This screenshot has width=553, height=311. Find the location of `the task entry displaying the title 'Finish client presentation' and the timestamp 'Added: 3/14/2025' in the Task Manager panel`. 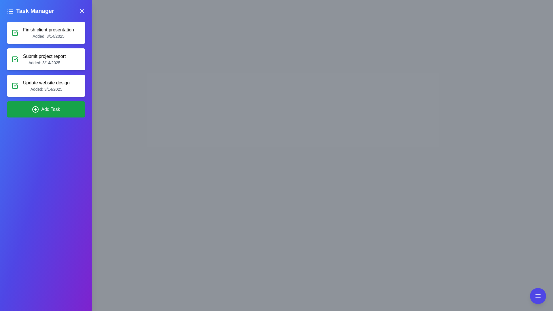

the task entry displaying the title 'Finish client presentation' and the timestamp 'Added: 3/14/2025' in the Task Manager panel is located at coordinates (48, 33).